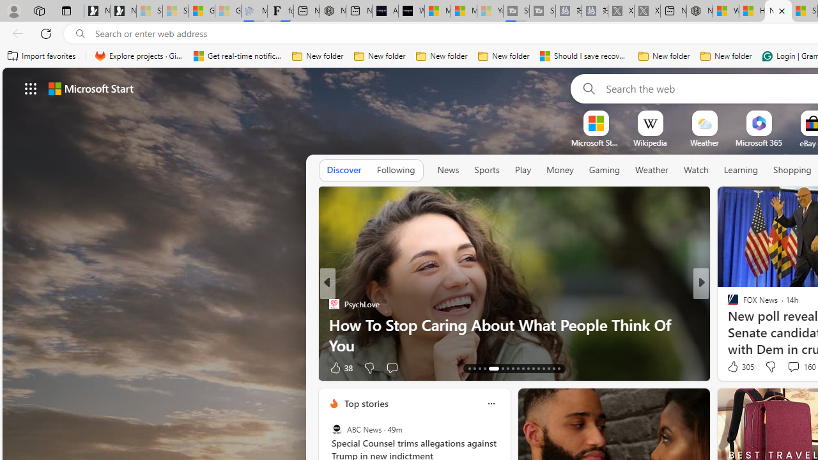 This screenshot has width=818, height=460. I want to click on 'AutomationID: tab-25', so click(538, 369).